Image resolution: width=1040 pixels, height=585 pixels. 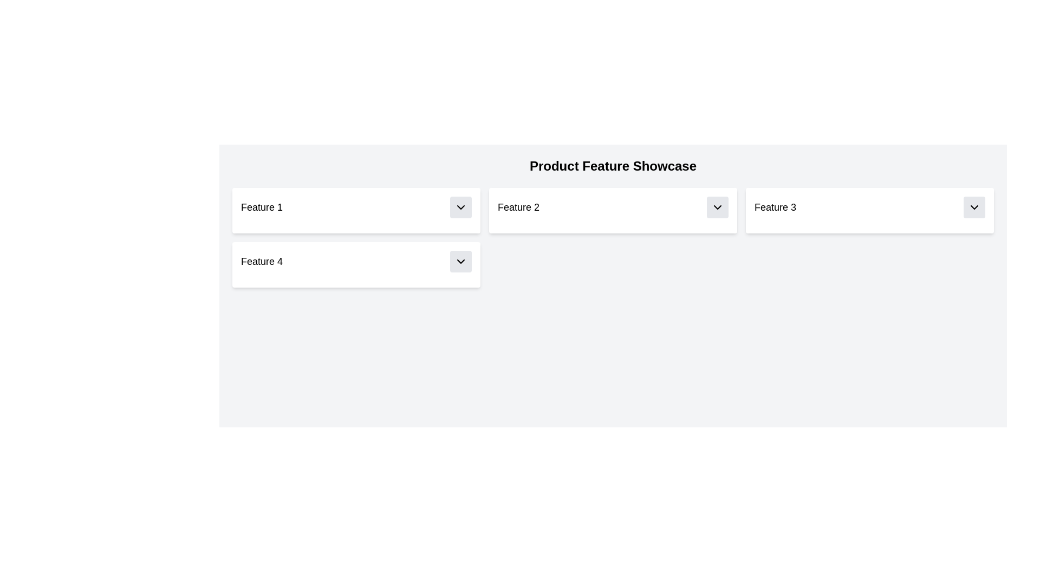 What do you see at coordinates (974, 207) in the screenshot?
I see `the small button with a downward-facing chevron icon, located to the right of the text 'Feature 3'` at bounding box center [974, 207].